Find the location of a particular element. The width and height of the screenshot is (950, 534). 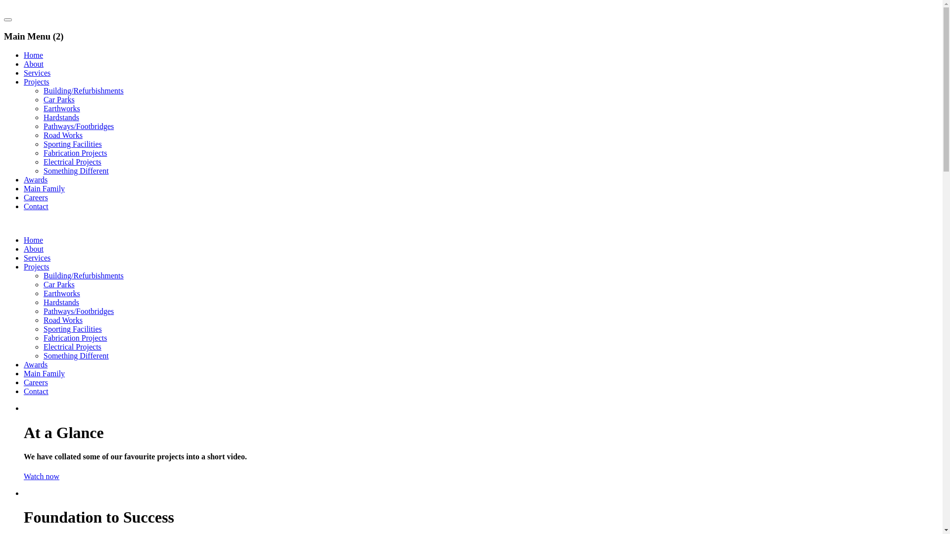

'Earthworks' is located at coordinates (61, 108).